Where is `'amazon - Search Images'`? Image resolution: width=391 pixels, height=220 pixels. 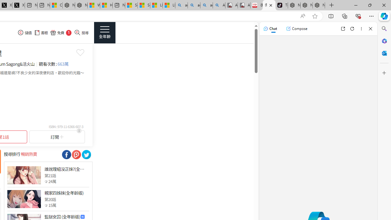 'amazon - Search Images' is located at coordinates (206, 5).